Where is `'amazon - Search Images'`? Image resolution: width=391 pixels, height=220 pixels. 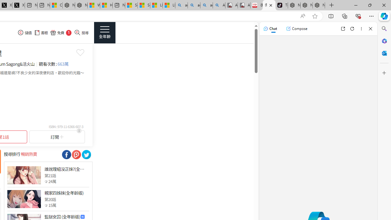 'amazon - Search Images' is located at coordinates (206, 5).